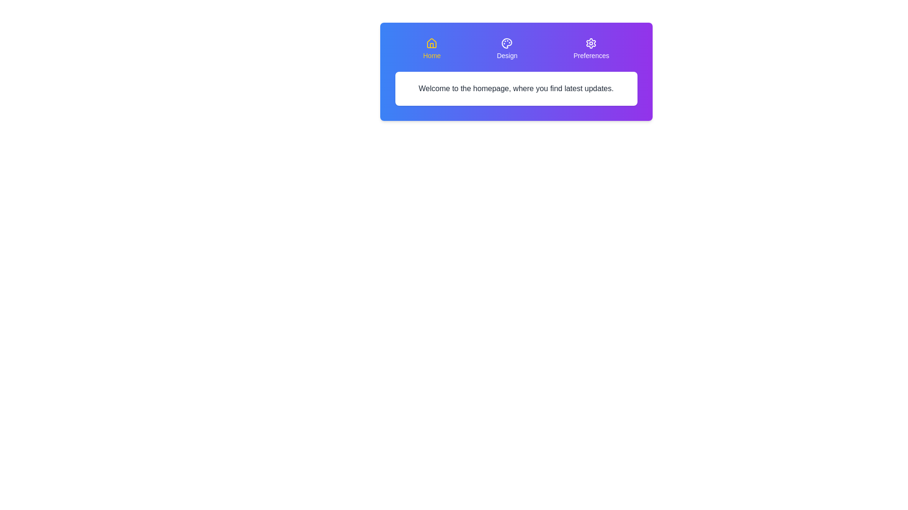 This screenshot has height=510, width=908. What do you see at coordinates (506, 49) in the screenshot?
I see `the Design tab by clicking on it` at bounding box center [506, 49].